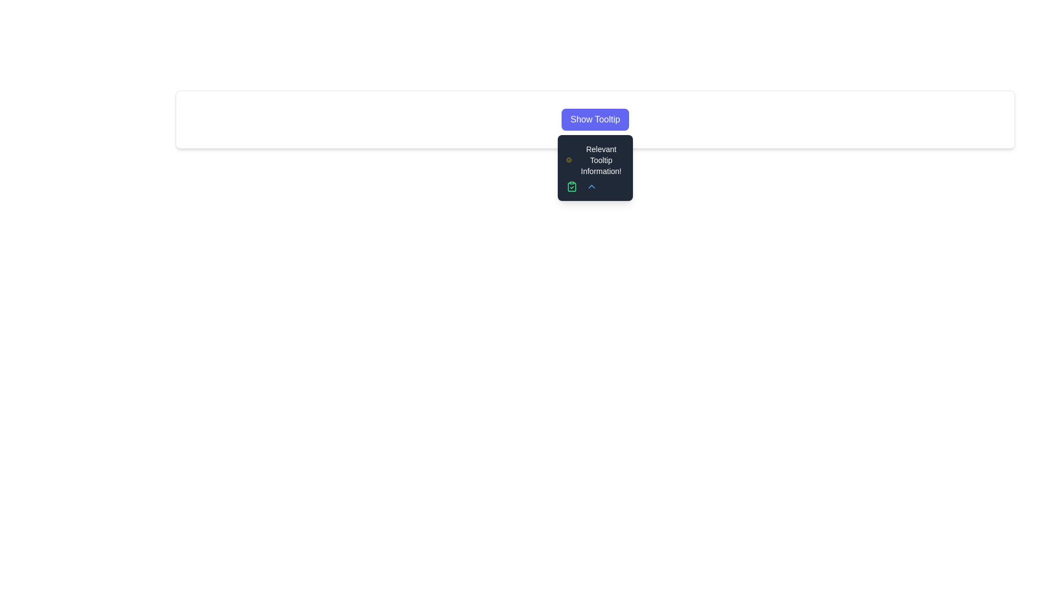 The image size is (1054, 593). What do you see at coordinates (595, 160) in the screenshot?
I see `the text display element that shows 'Relevant Tooltip Information!' located in the tooltip below the 'Show Tooltip' button` at bounding box center [595, 160].